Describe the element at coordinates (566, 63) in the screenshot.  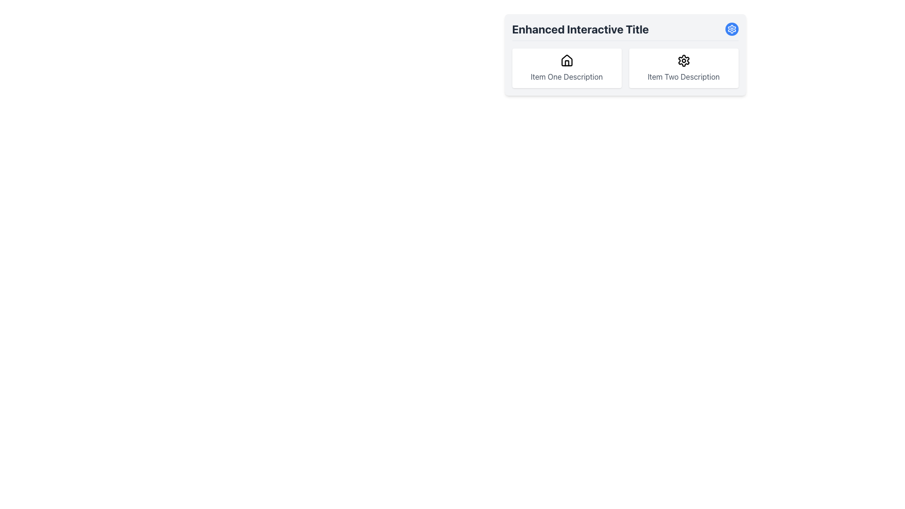
I see `vertical line representing the door within the house-shaped icon, located at the center of the icon, by opening the developer tools` at that location.